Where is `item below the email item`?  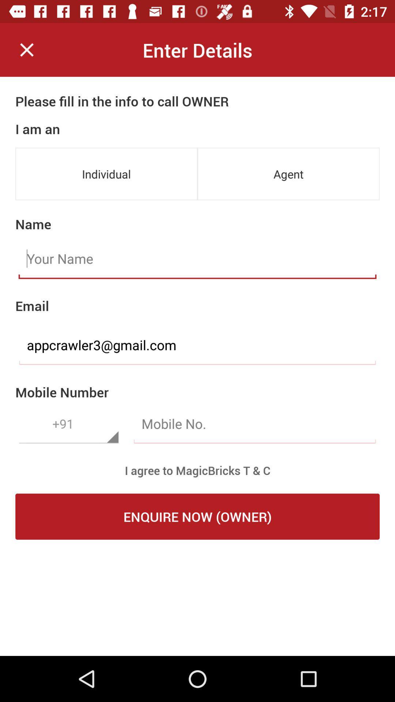
item below the email item is located at coordinates (197, 345).